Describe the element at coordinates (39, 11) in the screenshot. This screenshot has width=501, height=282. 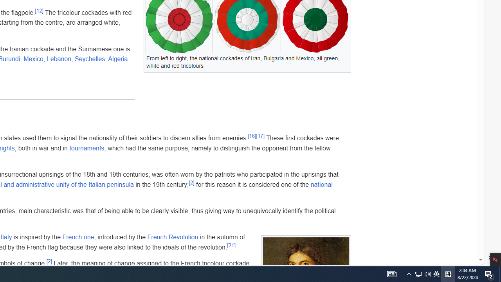
I see `'[12]'` at that location.